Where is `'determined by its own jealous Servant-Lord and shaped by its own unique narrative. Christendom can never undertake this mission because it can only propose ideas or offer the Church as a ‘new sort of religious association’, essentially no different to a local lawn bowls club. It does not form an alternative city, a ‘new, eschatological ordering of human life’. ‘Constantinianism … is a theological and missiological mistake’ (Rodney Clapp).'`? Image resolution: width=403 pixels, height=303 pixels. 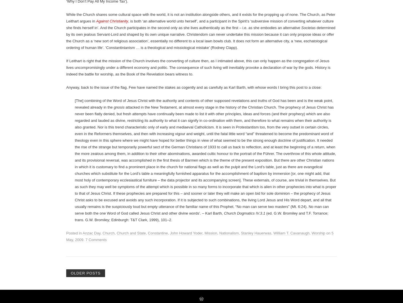 'determined by its own jealous Servant-Lord and shaped by its own unique narrative. Christendom can never undertake this mission because it can only propose ideas or offer the Church as a ‘new sort of religious association’, essentially no different to a local lawn bowls club. It does not form an alternative city, a ‘new, eschatological ordering of human life’. ‘Constantinianism … is a theological and missiological mistake’ (Rodney Clapp).' is located at coordinates (66, 258).